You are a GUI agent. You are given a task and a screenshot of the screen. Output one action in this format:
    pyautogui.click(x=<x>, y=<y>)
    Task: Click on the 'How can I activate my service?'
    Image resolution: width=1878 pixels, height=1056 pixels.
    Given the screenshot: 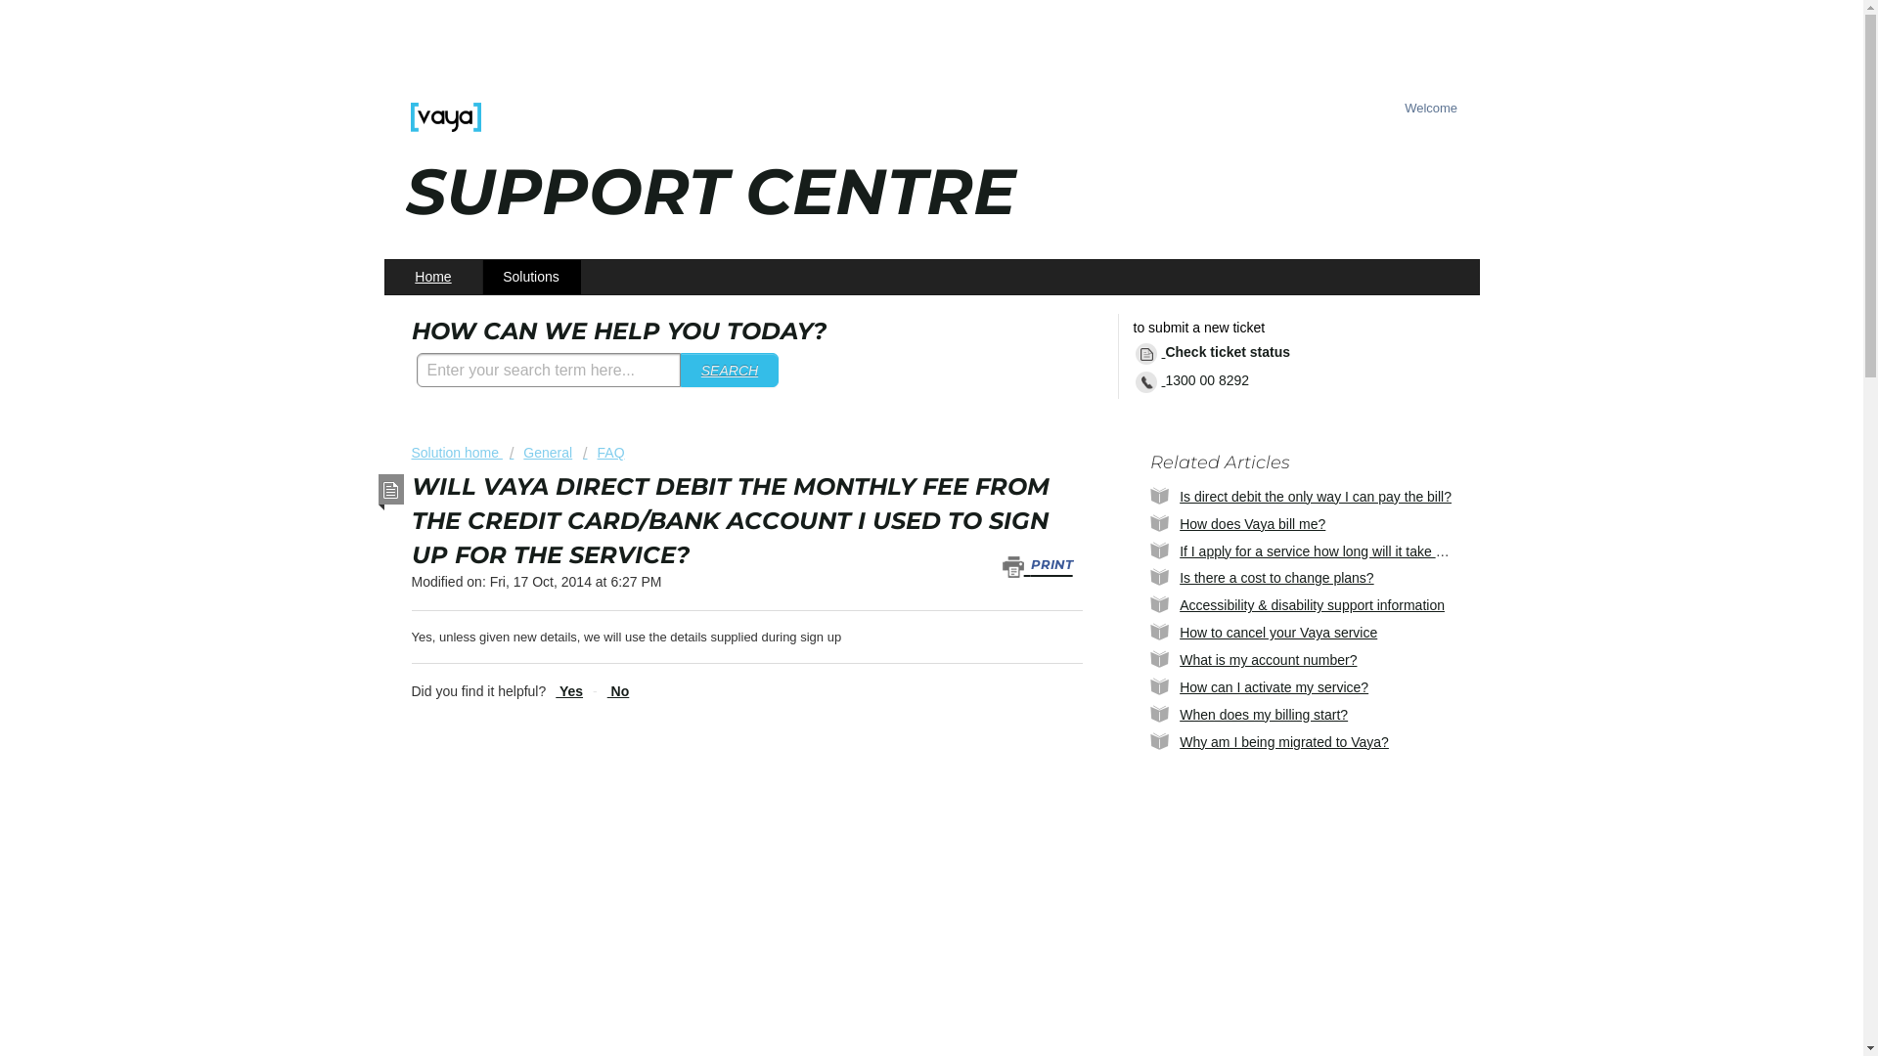 What is the action you would take?
    pyautogui.click(x=1274, y=685)
    